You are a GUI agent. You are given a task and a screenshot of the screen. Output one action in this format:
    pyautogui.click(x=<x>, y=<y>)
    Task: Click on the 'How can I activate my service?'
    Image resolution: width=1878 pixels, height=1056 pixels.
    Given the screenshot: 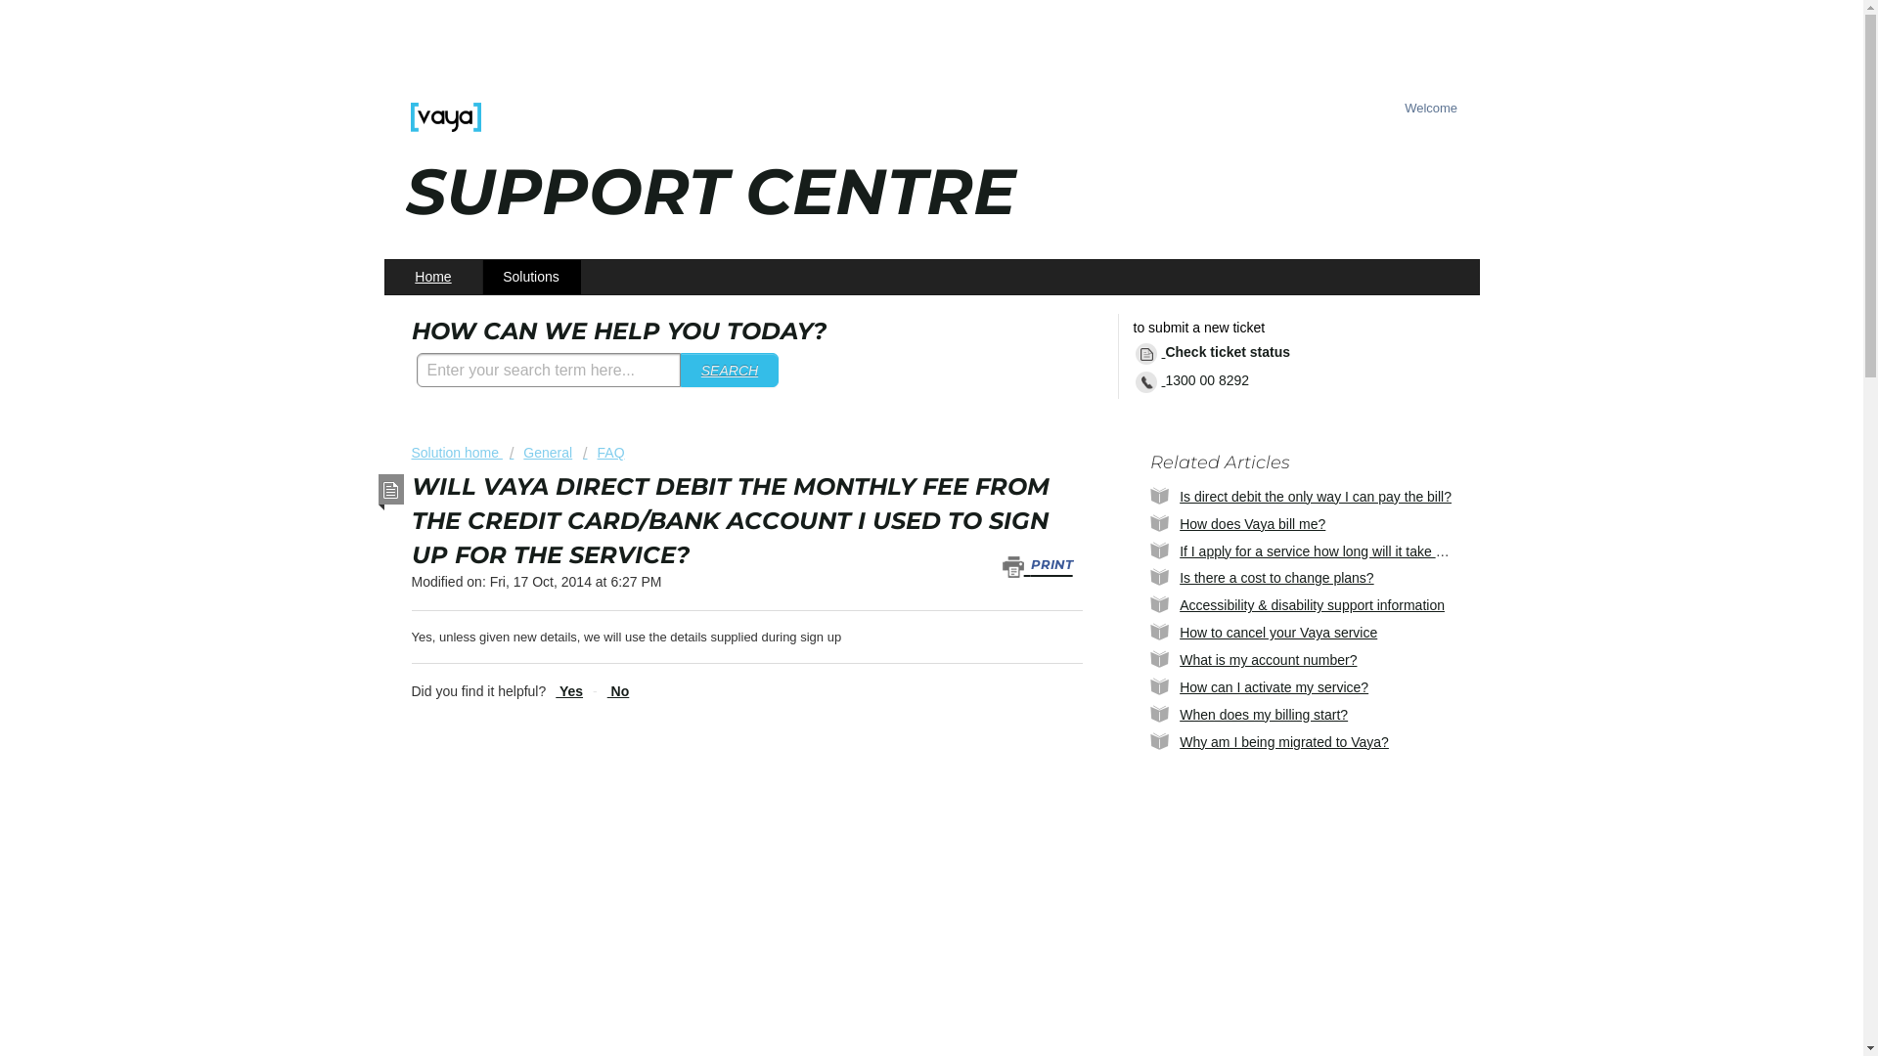 What is the action you would take?
    pyautogui.click(x=1274, y=685)
    